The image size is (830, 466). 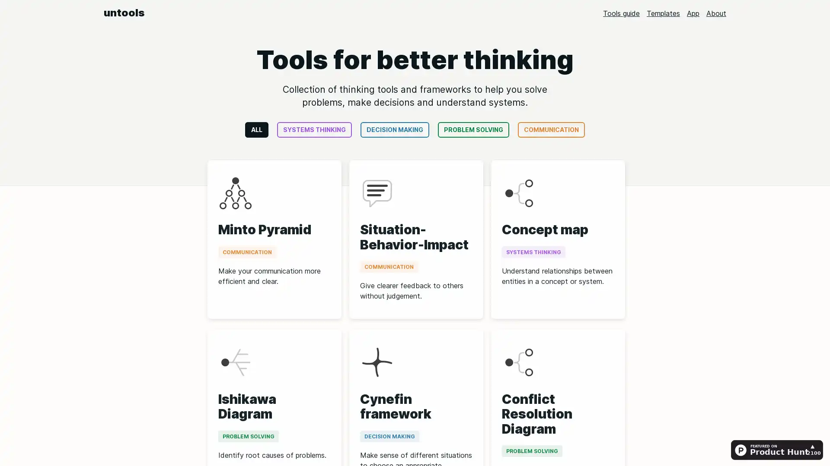 I want to click on COMMUNICATION, so click(x=551, y=129).